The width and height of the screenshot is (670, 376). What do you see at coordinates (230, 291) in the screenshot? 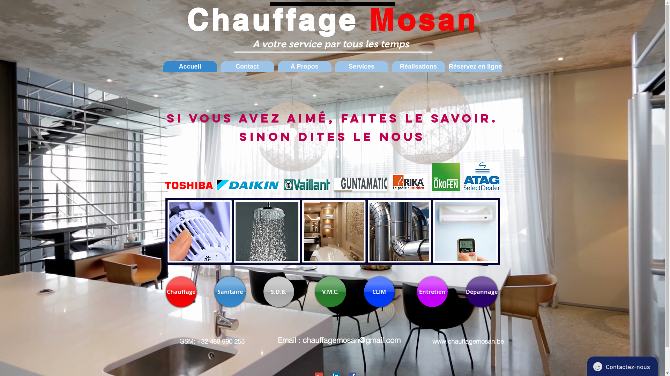
I see `'Sanitaire'` at bounding box center [230, 291].